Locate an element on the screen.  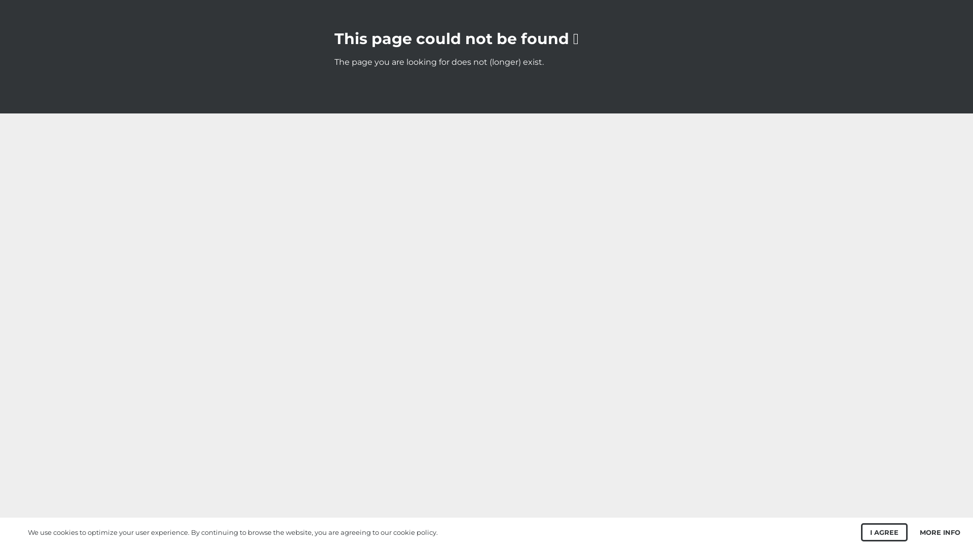
'I AGREE' is located at coordinates (884, 531).